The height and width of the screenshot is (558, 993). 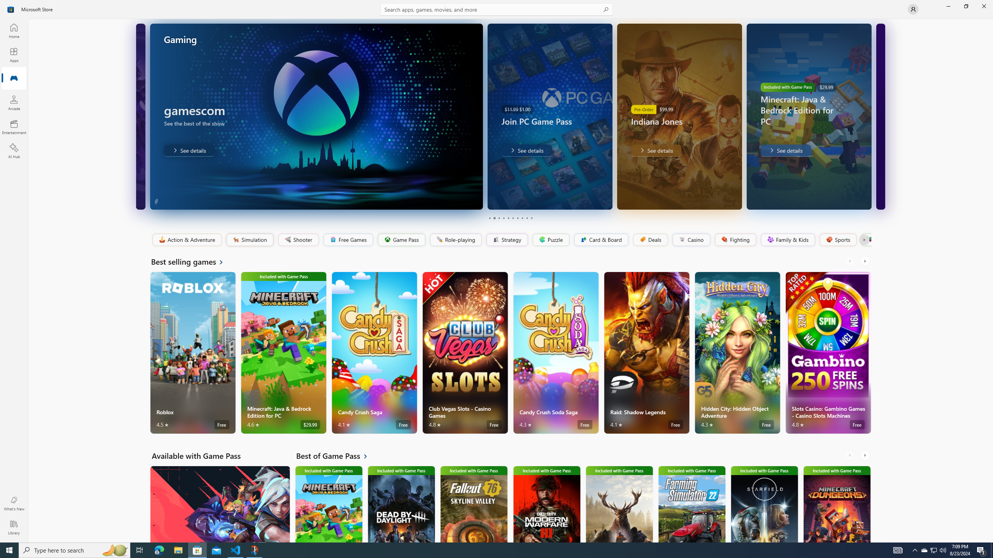 What do you see at coordinates (193, 352) in the screenshot?
I see `'Roblox. Average rating of 4.5 out of five stars. Free  '` at bounding box center [193, 352].